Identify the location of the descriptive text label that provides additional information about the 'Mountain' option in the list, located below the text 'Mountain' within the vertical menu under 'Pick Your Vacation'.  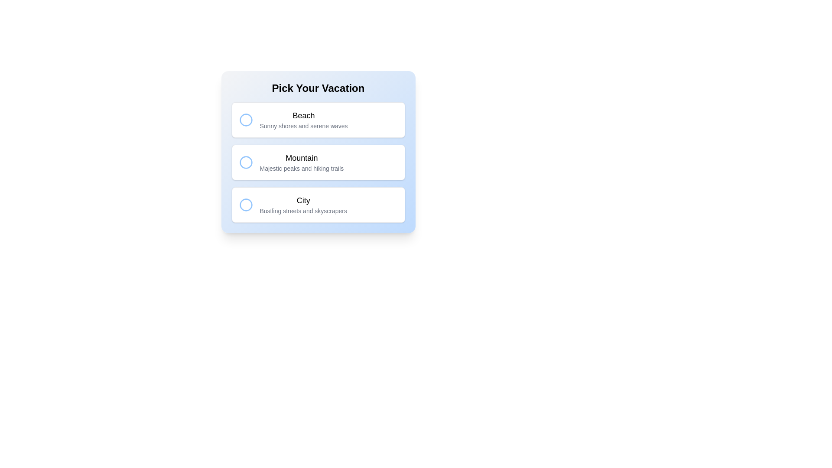
(302, 169).